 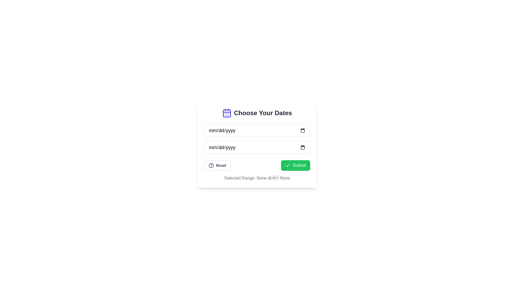 What do you see at coordinates (217, 165) in the screenshot?
I see `the 'Reset' button, which has a light gray border, rounded edges, and a hover effect` at bounding box center [217, 165].